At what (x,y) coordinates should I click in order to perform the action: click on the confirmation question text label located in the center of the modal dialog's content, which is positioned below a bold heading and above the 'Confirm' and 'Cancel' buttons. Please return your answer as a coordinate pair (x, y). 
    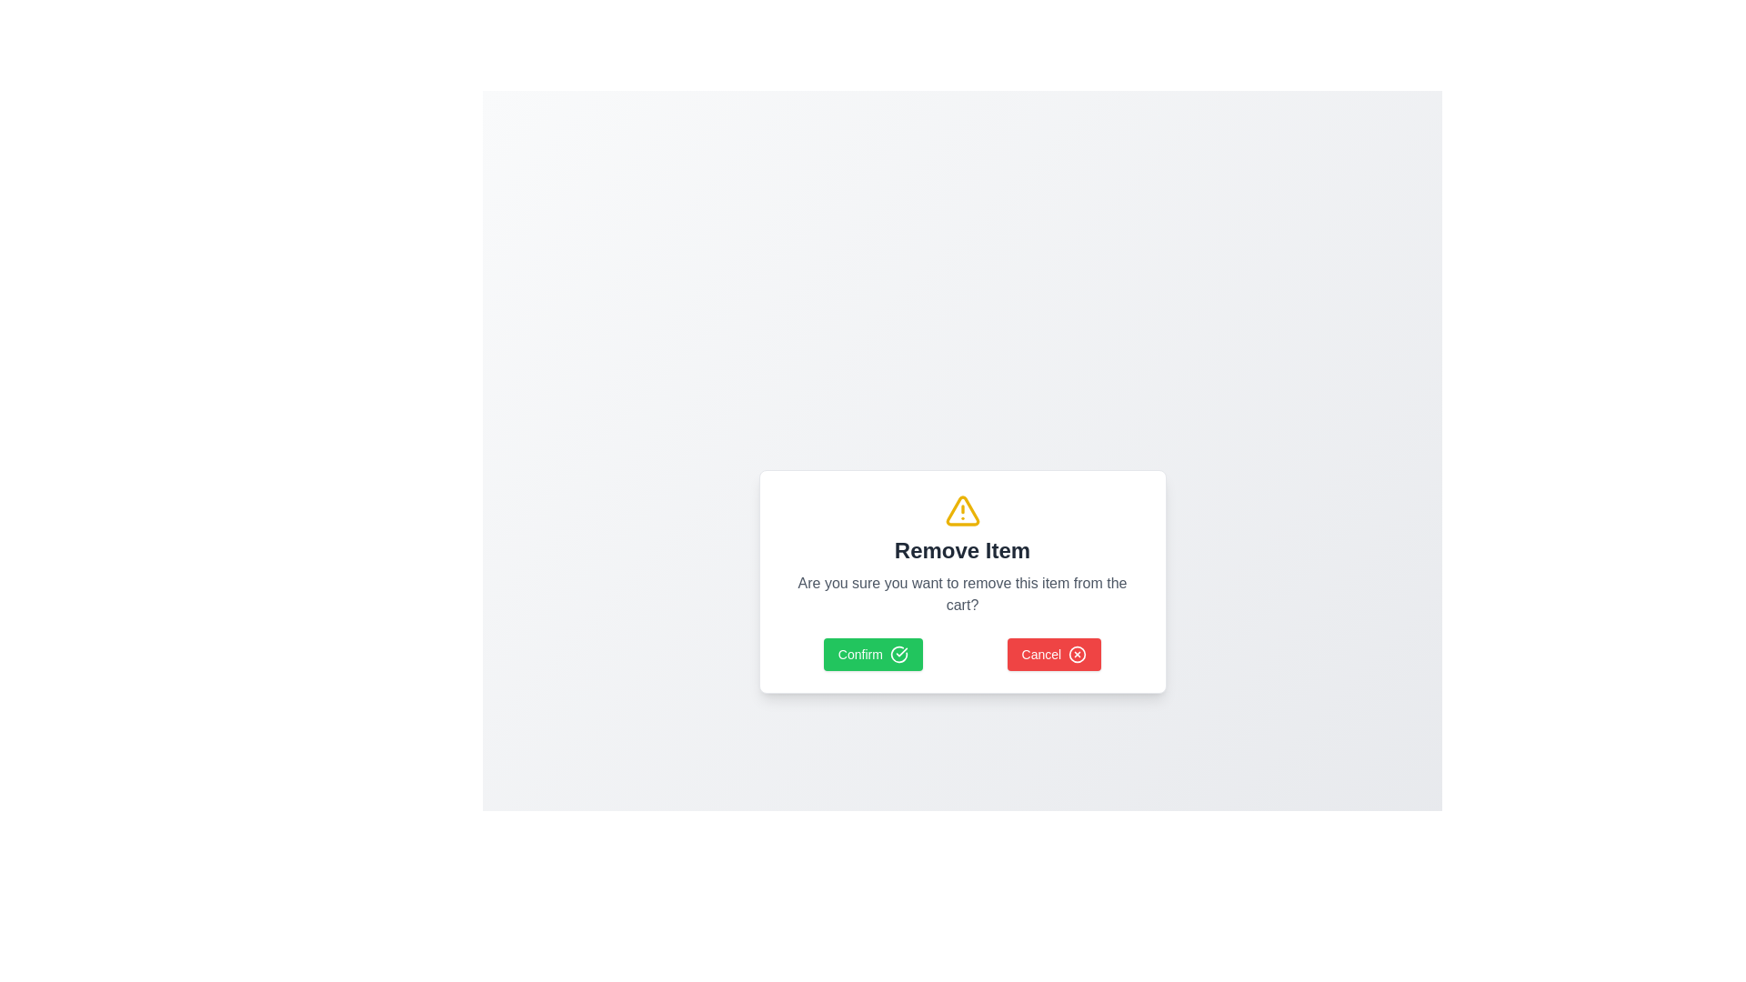
    Looking at the image, I should click on (961, 595).